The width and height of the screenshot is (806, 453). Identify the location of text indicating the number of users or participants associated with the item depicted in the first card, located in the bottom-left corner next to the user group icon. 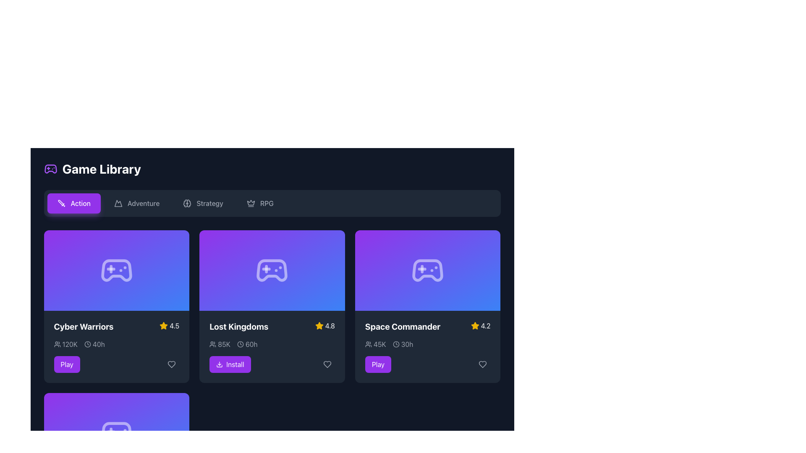
(70, 344).